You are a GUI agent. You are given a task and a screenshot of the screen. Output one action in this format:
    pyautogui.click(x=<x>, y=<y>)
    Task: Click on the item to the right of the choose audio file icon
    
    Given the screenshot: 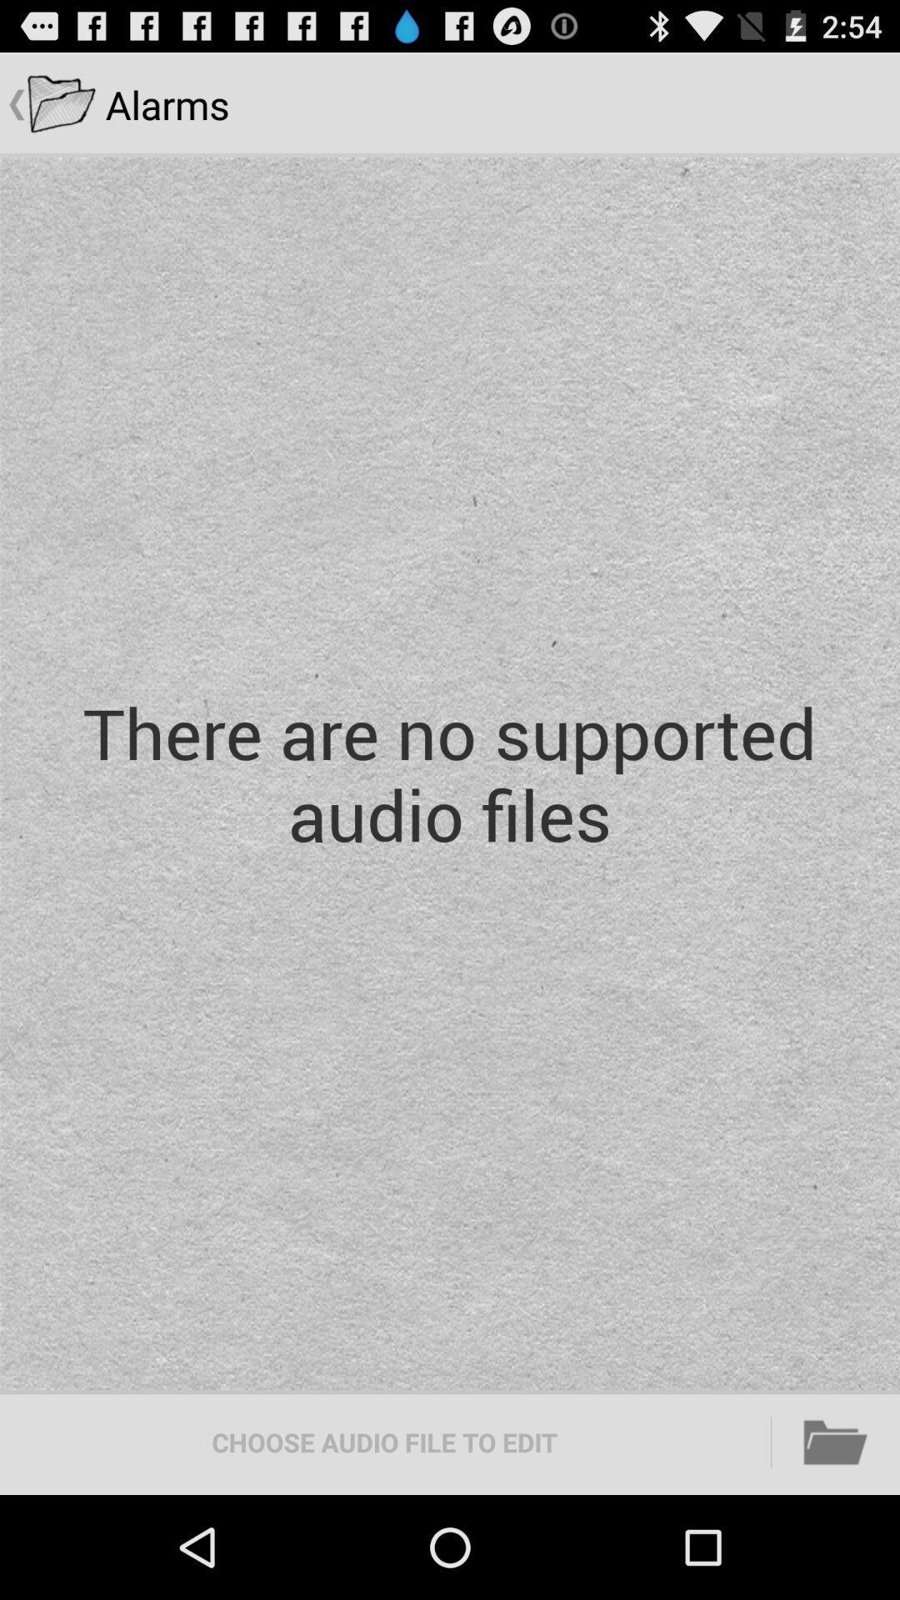 What is the action you would take?
    pyautogui.click(x=836, y=1442)
    